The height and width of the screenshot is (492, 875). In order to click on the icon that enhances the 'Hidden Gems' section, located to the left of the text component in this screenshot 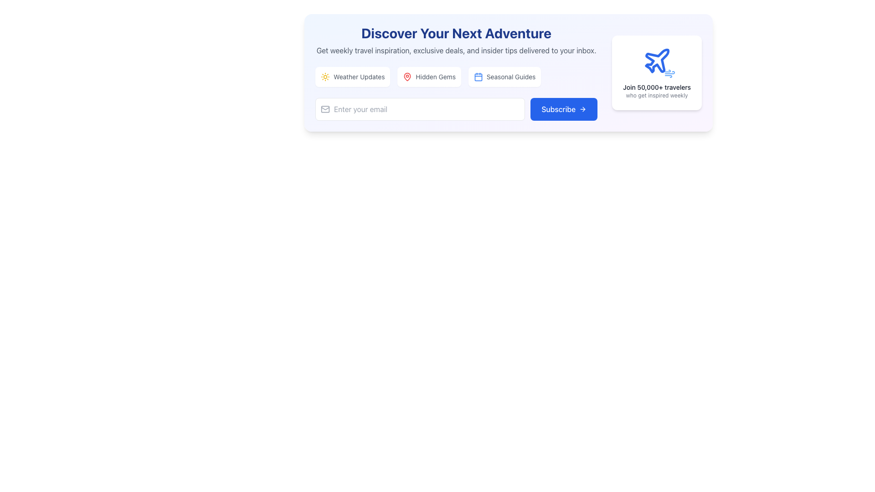, I will do `click(407, 77)`.